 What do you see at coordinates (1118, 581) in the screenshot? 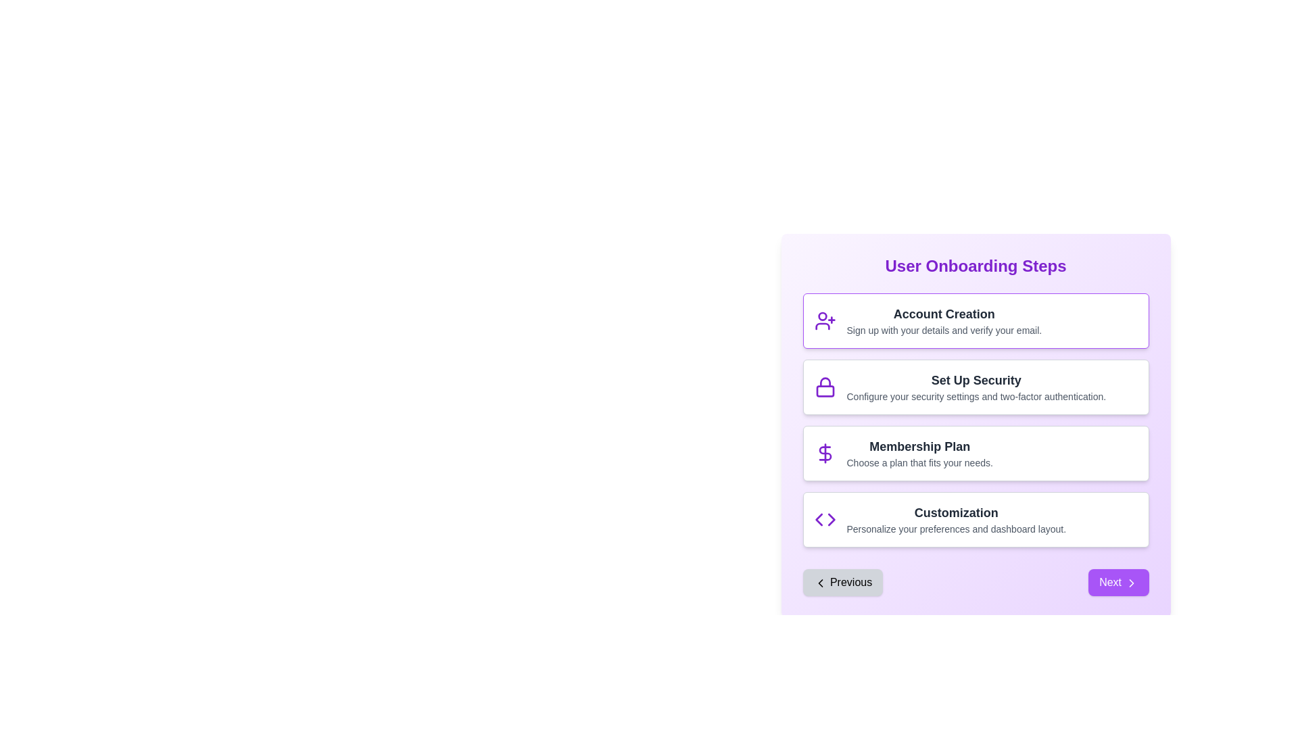
I see `the 'Next' button` at bounding box center [1118, 581].